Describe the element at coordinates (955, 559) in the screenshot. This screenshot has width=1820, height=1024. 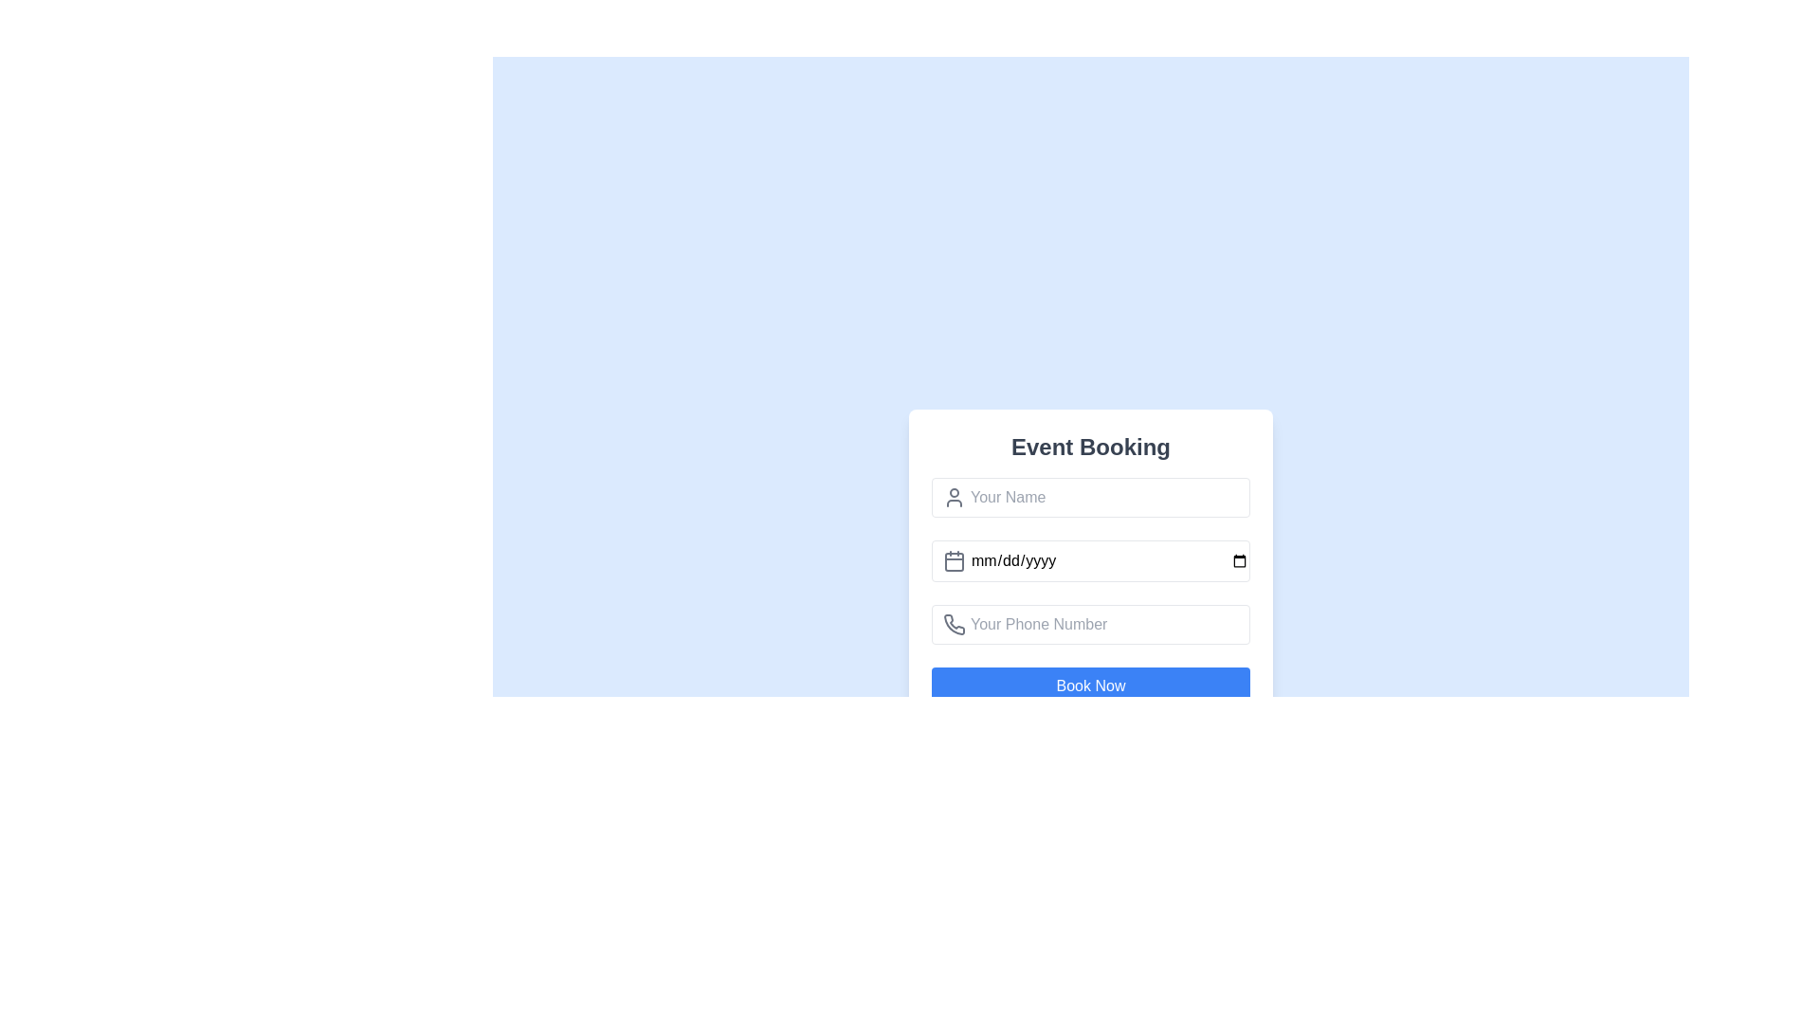
I see `the associated date input field indirectly by interacting with the Calendar icon positioned at the leftmost side of the date selection input field` at that location.